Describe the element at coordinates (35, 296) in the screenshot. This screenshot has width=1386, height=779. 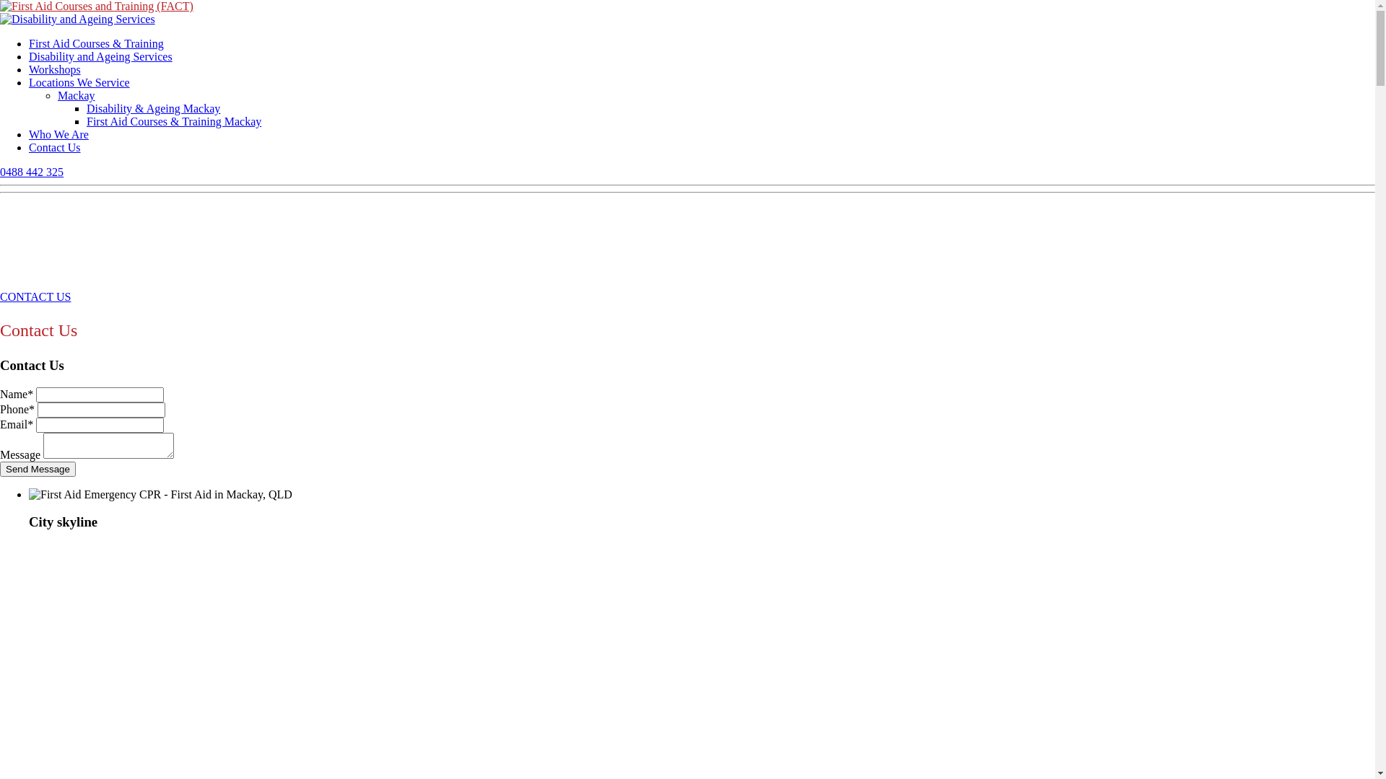
I see `'CONTACT US'` at that location.